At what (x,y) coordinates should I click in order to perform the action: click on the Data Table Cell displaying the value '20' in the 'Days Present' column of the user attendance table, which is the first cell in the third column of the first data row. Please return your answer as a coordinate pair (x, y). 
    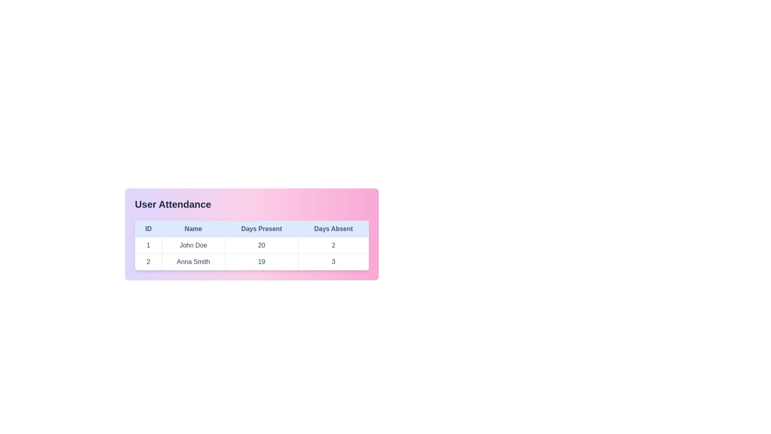
    Looking at the image, I should click on (251, 254).